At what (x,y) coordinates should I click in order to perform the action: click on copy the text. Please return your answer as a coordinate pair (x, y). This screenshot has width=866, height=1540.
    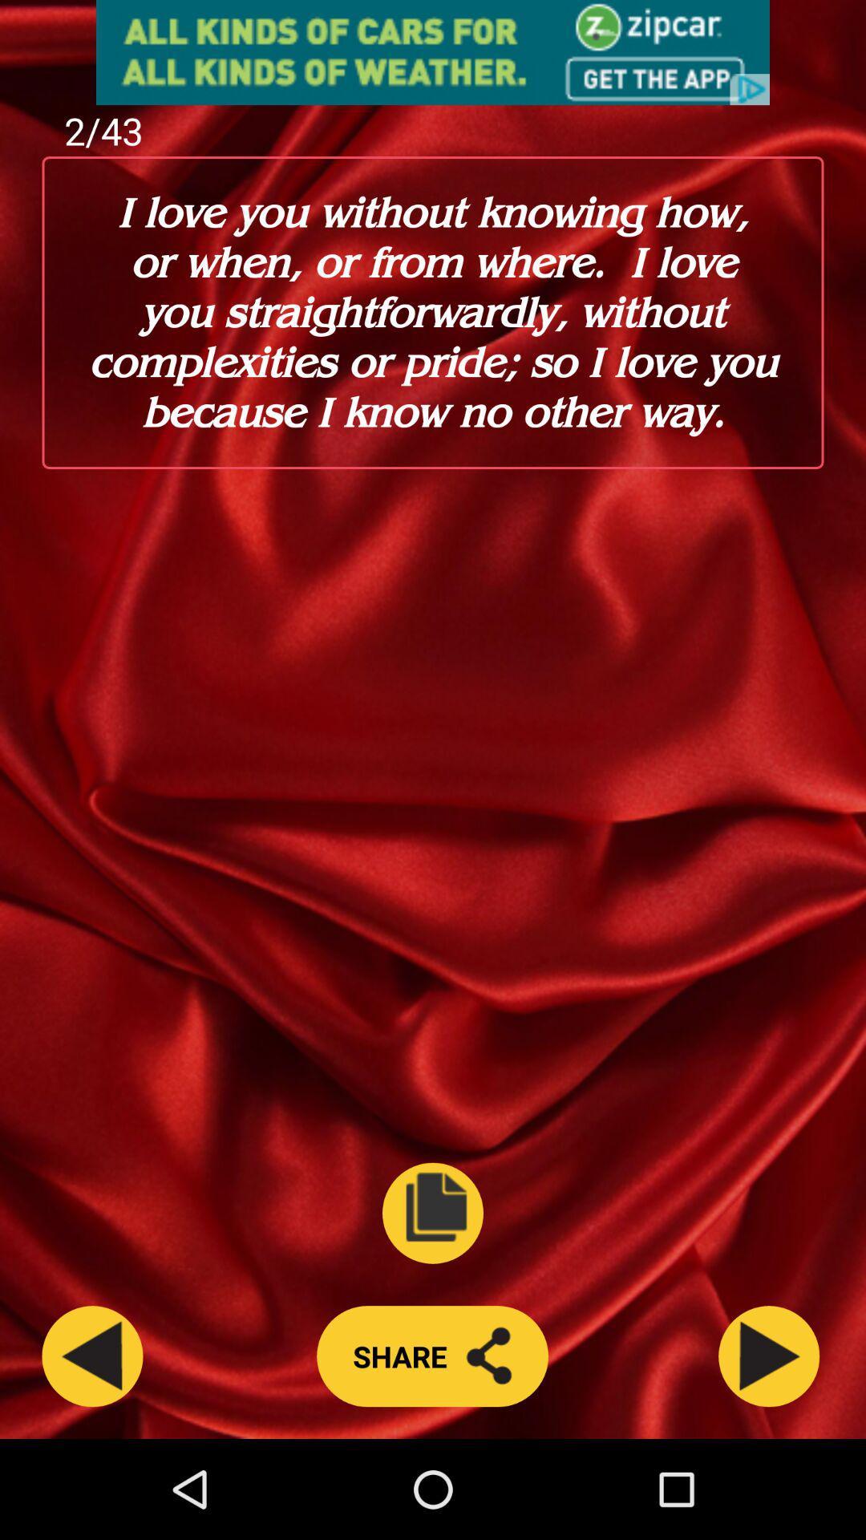
    Looking at the image, I should click on (433, 1213).